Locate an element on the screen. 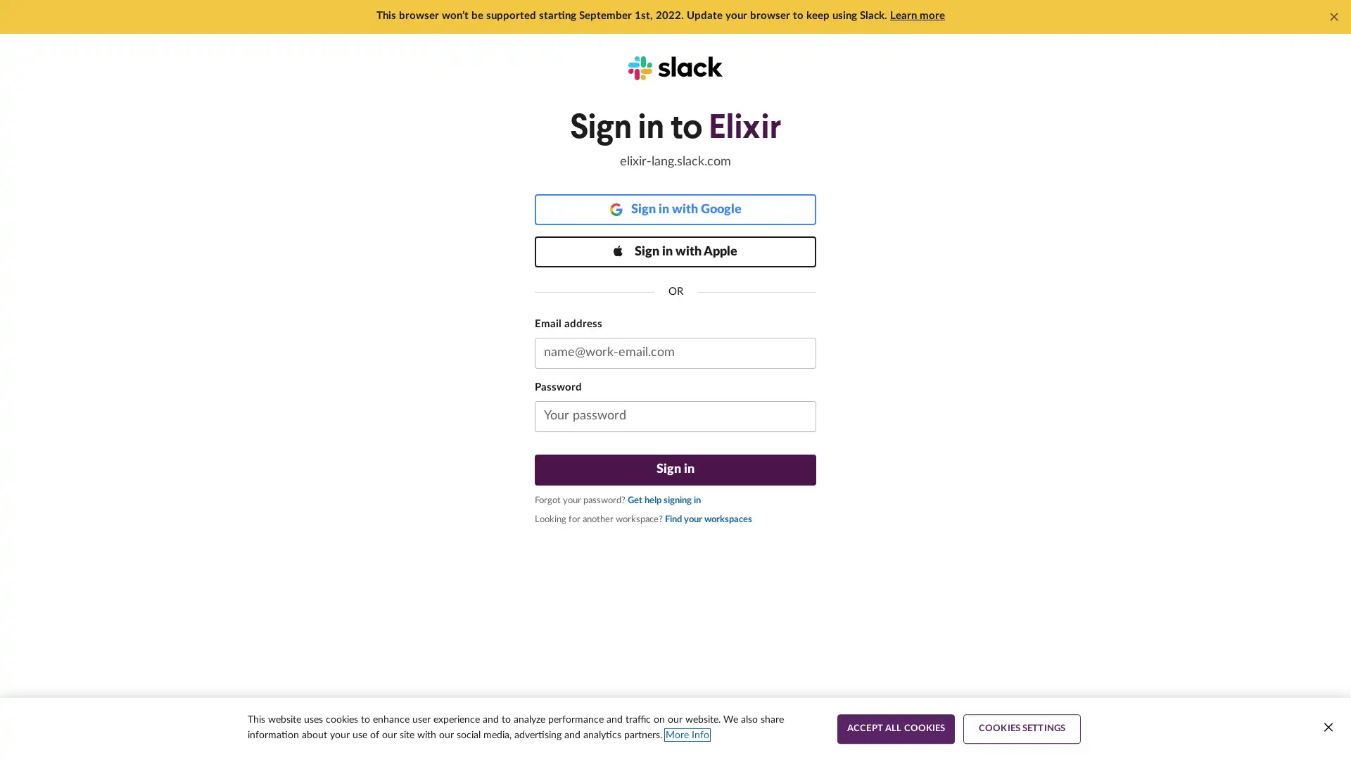 The image size is (1351, 760). Sign in with Google is located at coordinates (675, 209).